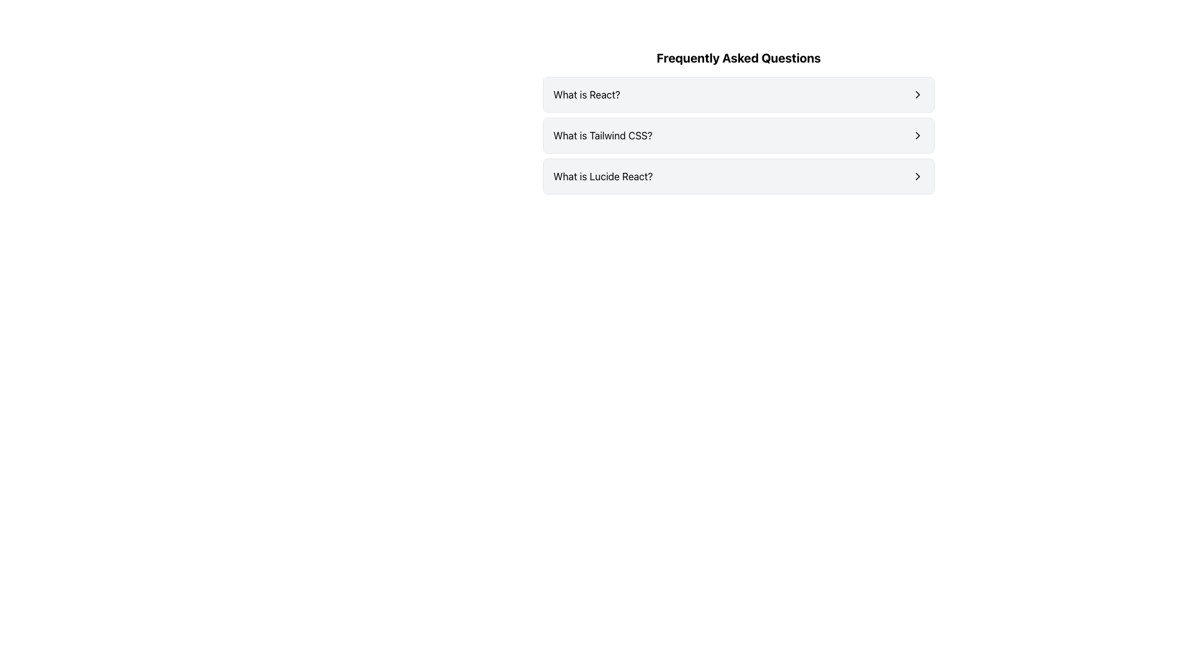  What do you see at coordinates (738, 94) in the screenshot?
I see `the button labeled 'What is React?'` at bounding box center [738, 94].